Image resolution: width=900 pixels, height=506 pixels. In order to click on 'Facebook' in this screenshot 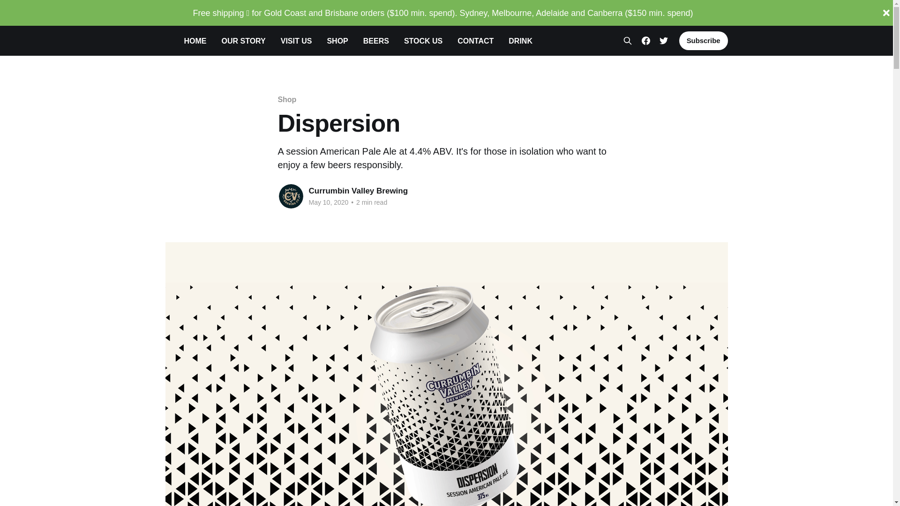, I will do `click(645, 40)`.